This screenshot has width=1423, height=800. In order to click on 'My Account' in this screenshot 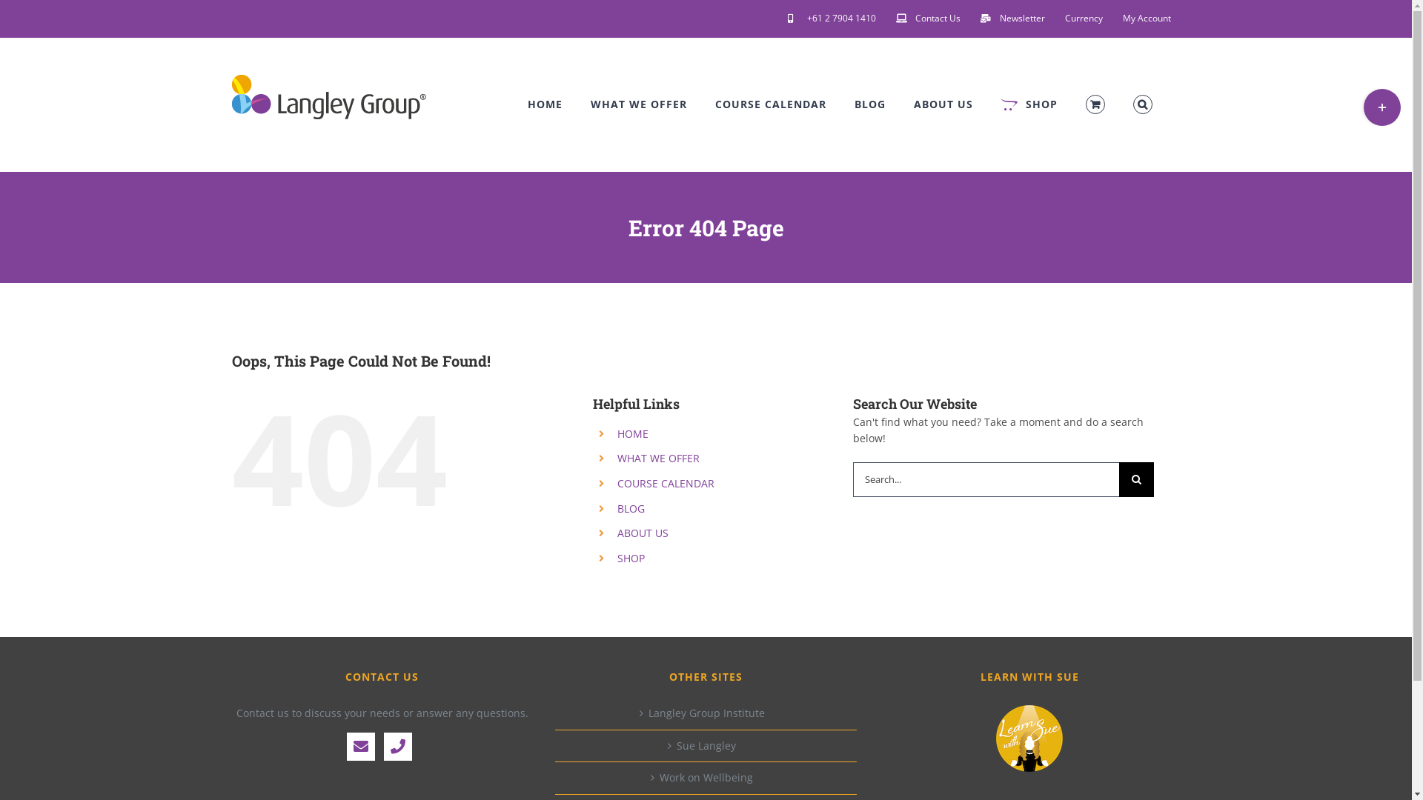, I will do `click(1146, 18)`.